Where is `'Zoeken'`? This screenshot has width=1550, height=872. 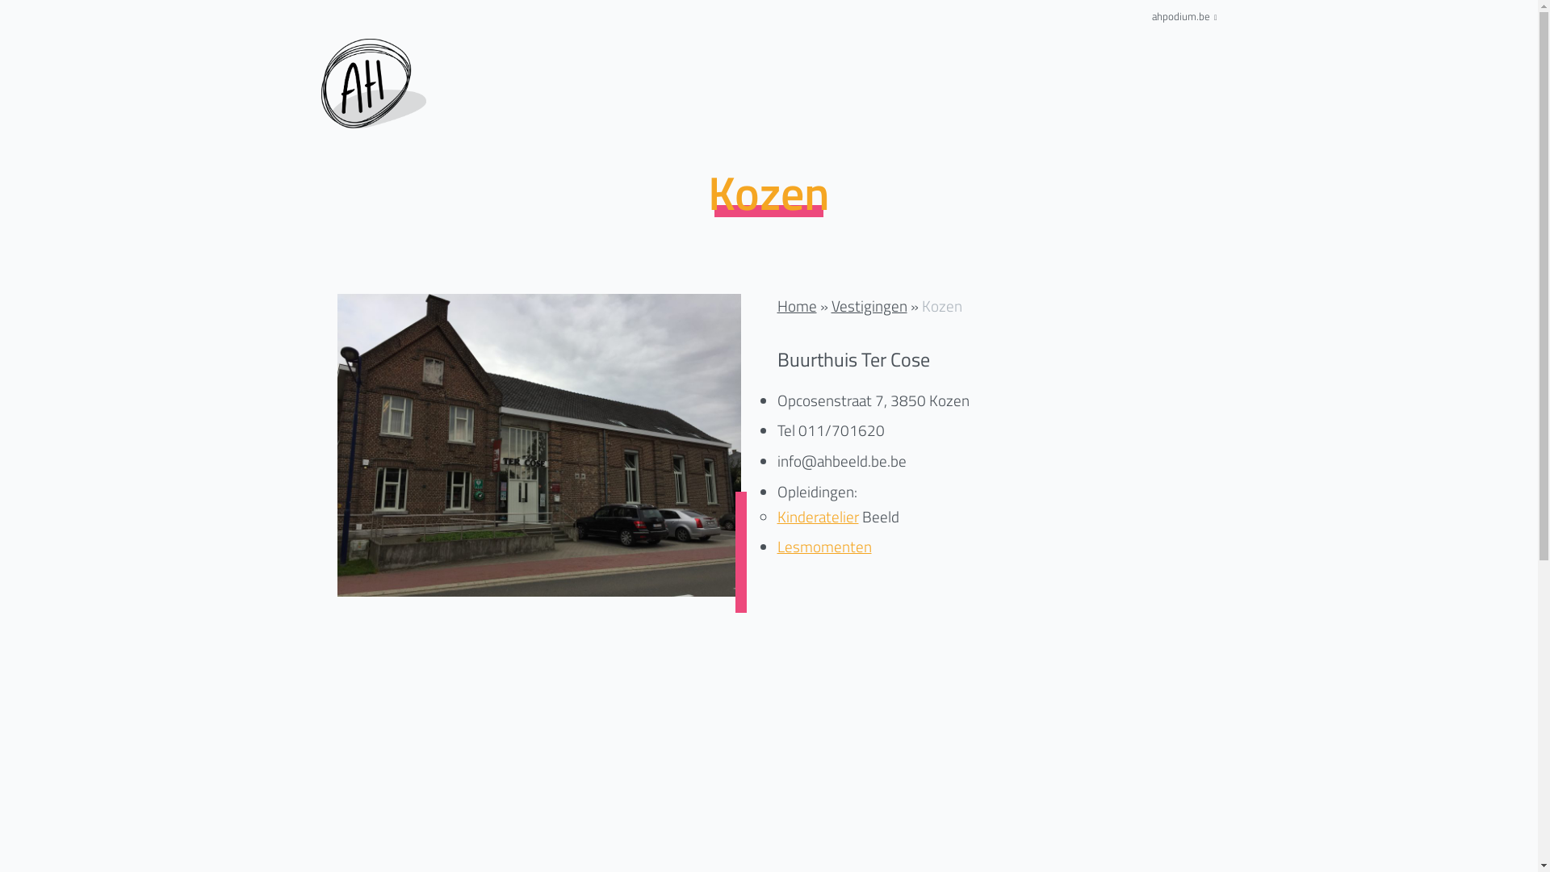
'Zoeken' is located at coordinates (974, 338).